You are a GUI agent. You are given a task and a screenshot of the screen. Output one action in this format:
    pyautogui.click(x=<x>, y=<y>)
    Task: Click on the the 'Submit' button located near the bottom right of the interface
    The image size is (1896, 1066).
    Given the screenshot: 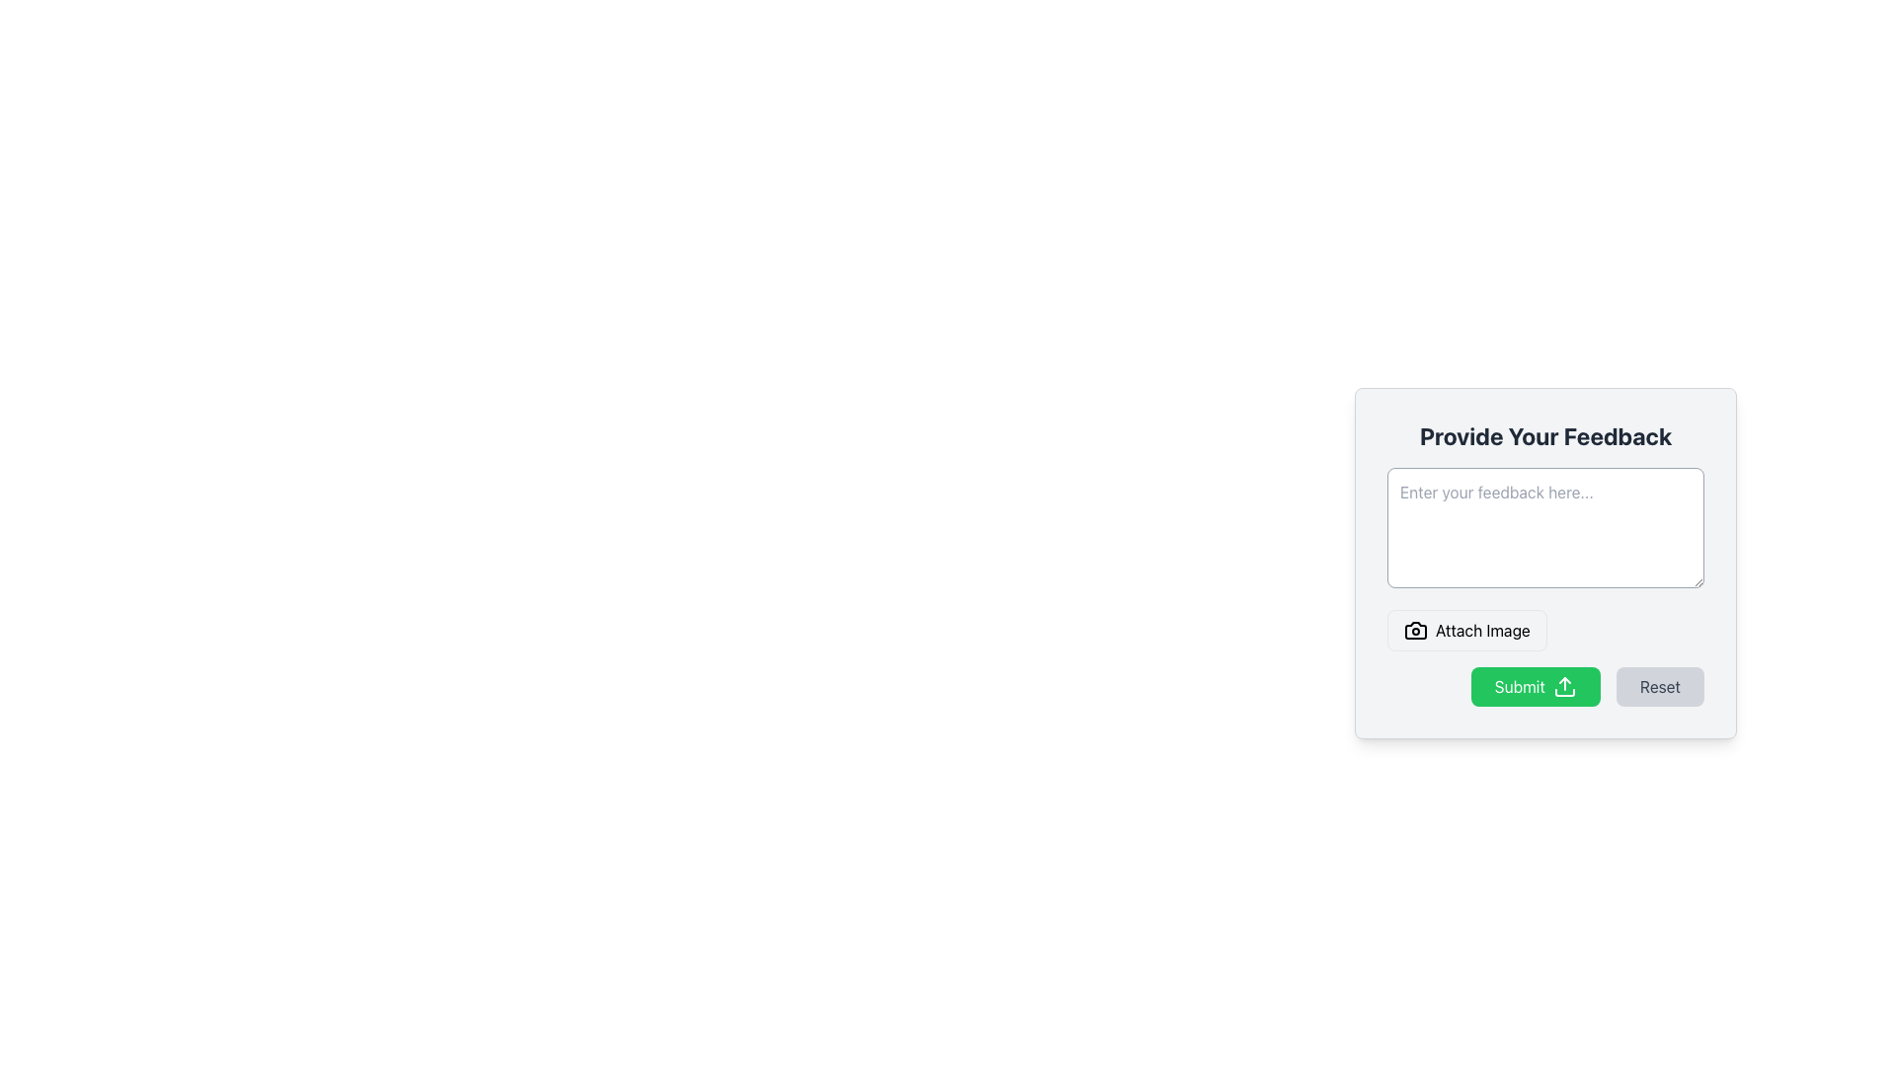 What is the action you would take?
    pyautogui.click(x=1535, y=685)
    